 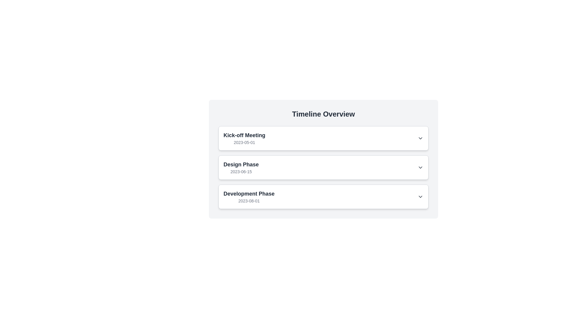 I want to click on the timeline entry labeled 'Design Phase' with an interactive dropdown trigger, which is the second entry in a vertical list of timeline items, so click(x=323, y=168).